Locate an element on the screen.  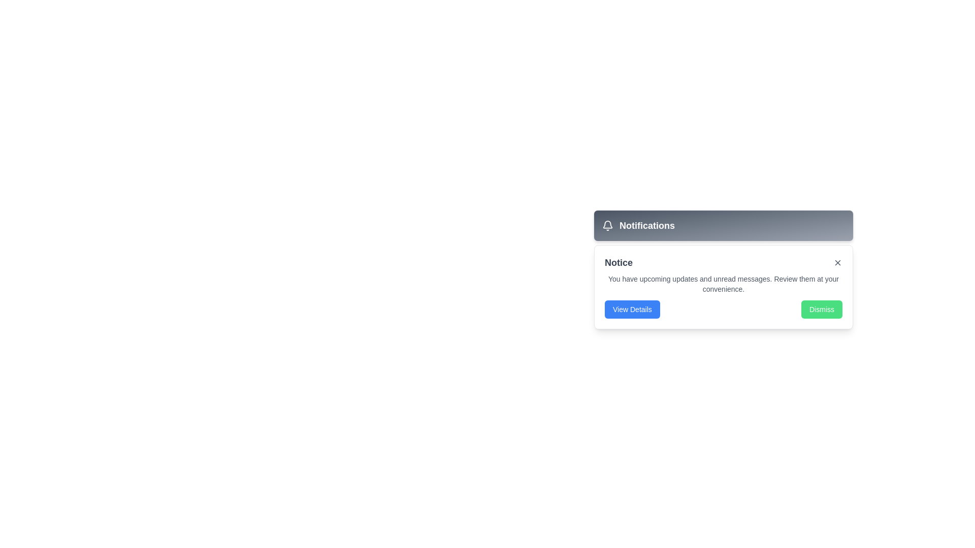
the close button (iconbutton) styled as an SVG graphic located in the top-right corner of the notification card to change its appearance is located at coordinates (838, 262).